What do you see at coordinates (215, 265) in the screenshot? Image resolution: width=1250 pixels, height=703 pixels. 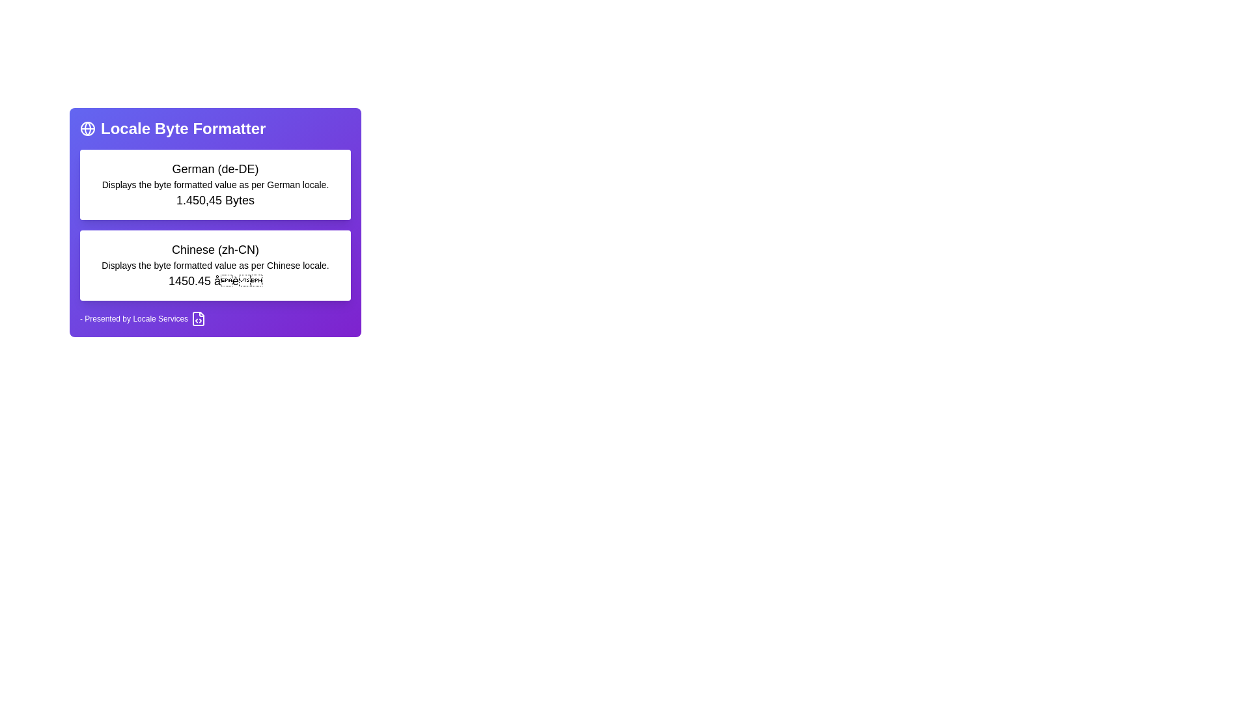 I see `the second static information card displaying localized byte formatting in Chinese, positioned below the first card with German locale` at bounding box center [215, 265].